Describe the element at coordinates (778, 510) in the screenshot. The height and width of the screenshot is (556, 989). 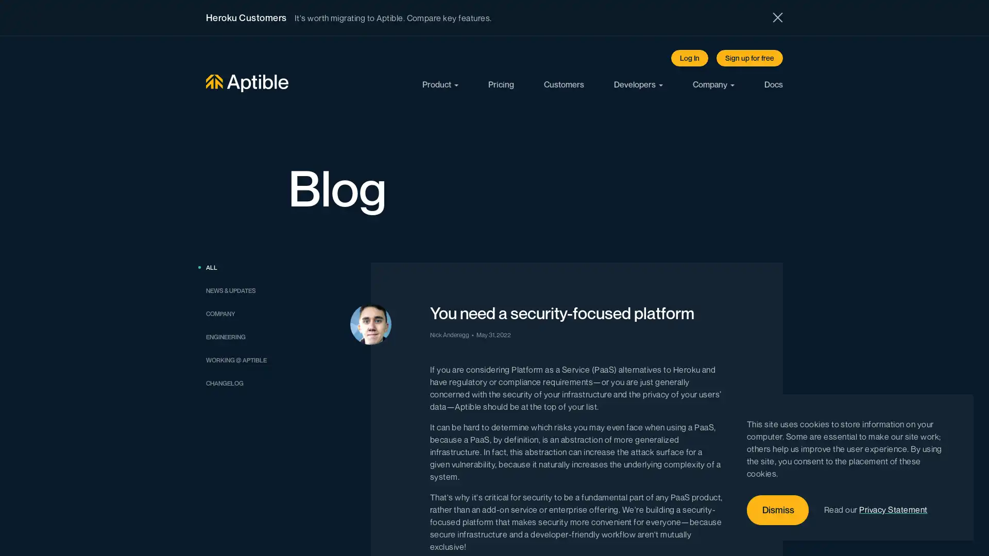
I see `Dismiss` at that location.